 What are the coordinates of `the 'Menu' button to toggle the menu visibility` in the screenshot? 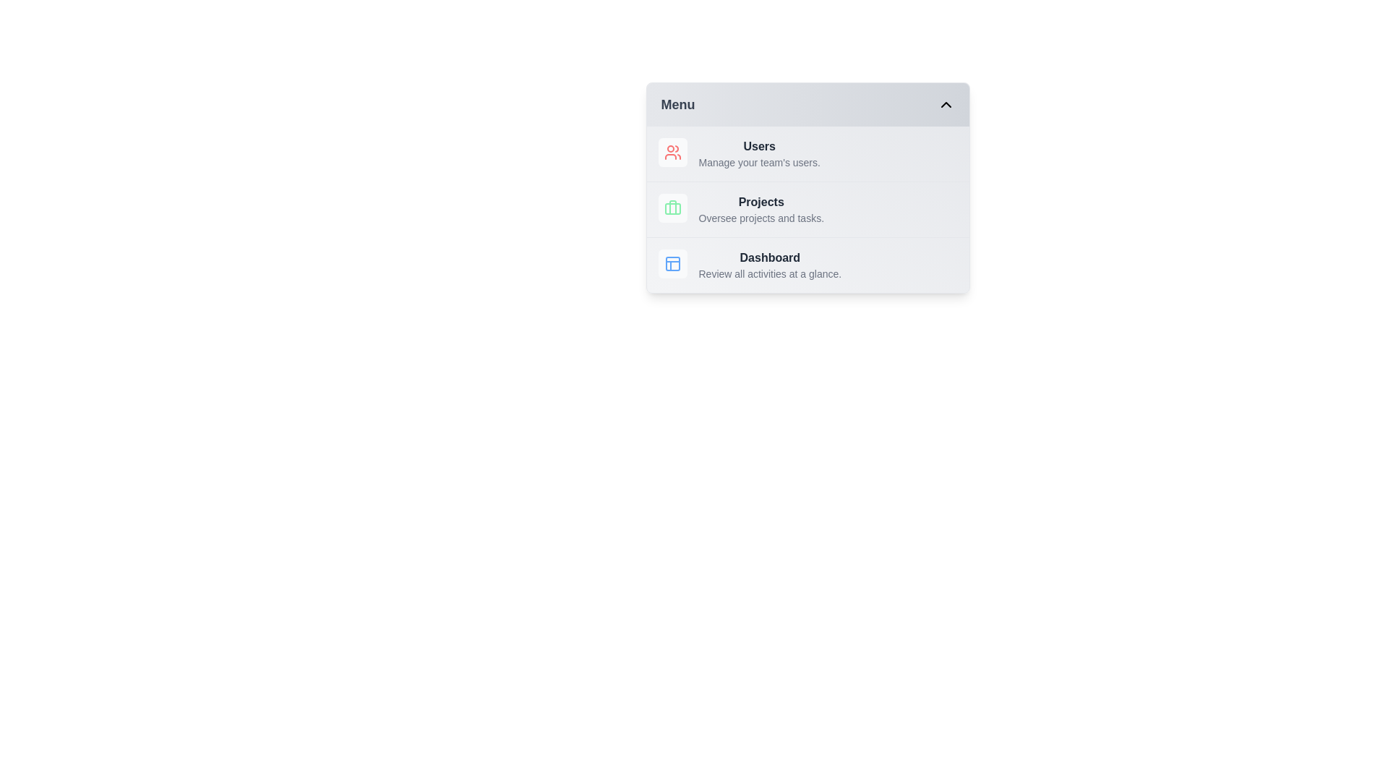 It's located at (807, 104).